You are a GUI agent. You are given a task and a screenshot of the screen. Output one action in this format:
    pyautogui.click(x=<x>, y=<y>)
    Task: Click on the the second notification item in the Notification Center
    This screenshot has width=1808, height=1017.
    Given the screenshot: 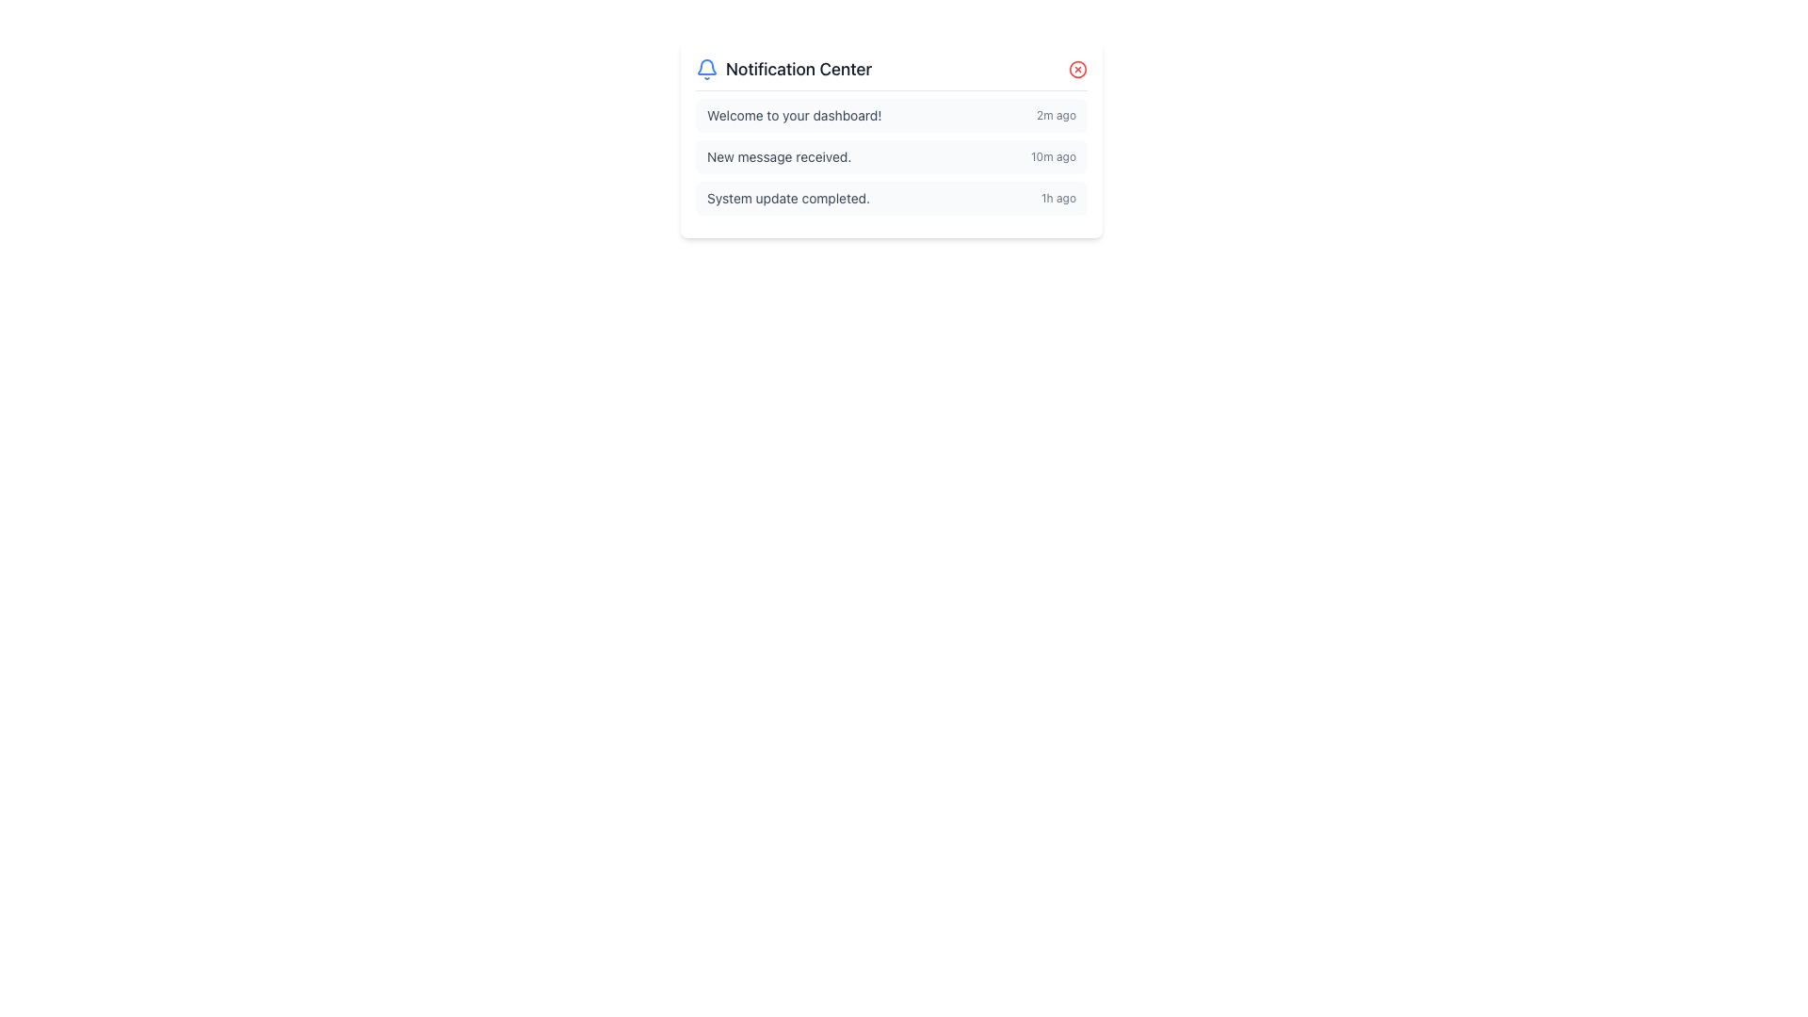 What is the action you would take?
    pyautogui.click(x=890, y=155)
    